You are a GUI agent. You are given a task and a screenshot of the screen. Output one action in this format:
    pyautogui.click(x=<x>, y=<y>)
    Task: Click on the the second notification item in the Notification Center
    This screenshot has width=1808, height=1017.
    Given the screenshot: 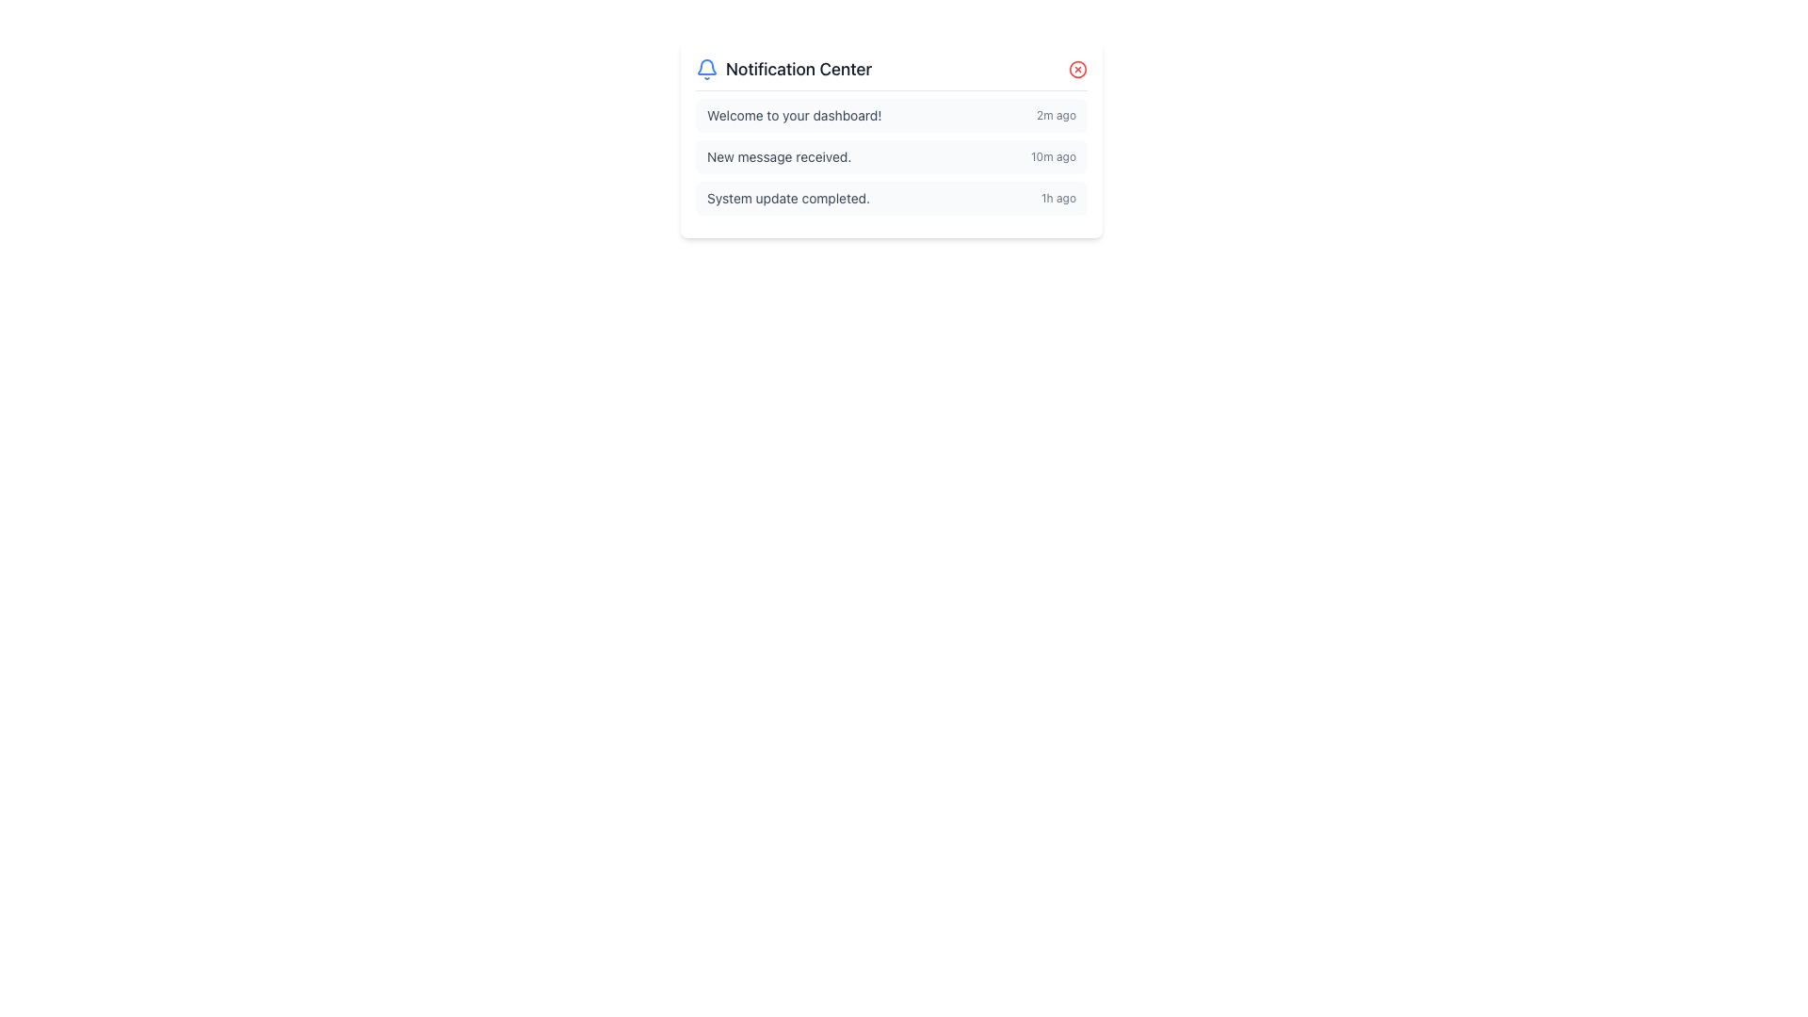 What is the action you would take?
    pyautogui.click(x=890, y=155)
    